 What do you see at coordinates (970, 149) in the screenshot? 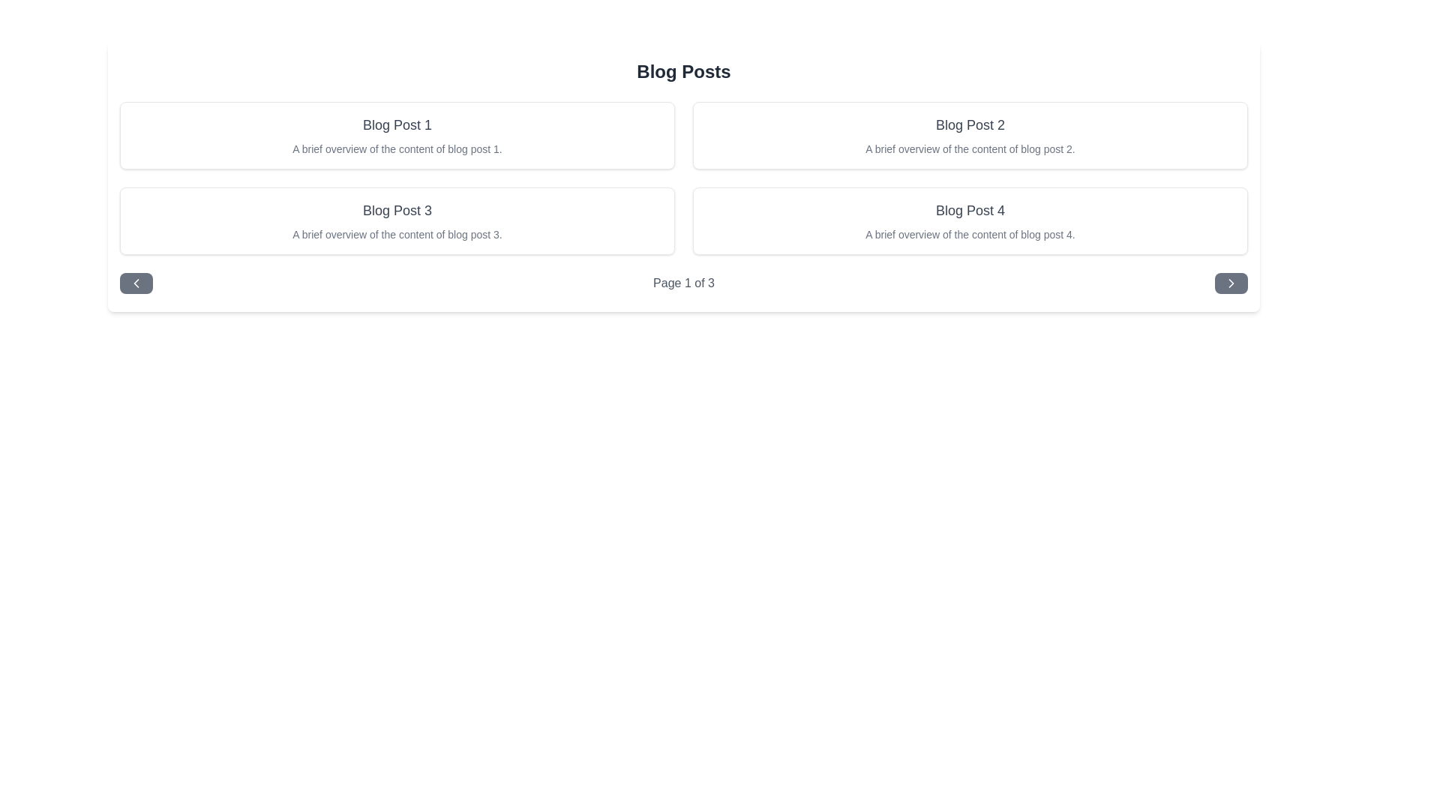
I see `the blog post summary text element that provides an overview of 'Blog Post 2', located in the top-right corner of the grid layout` at bounding box center [970, 149].